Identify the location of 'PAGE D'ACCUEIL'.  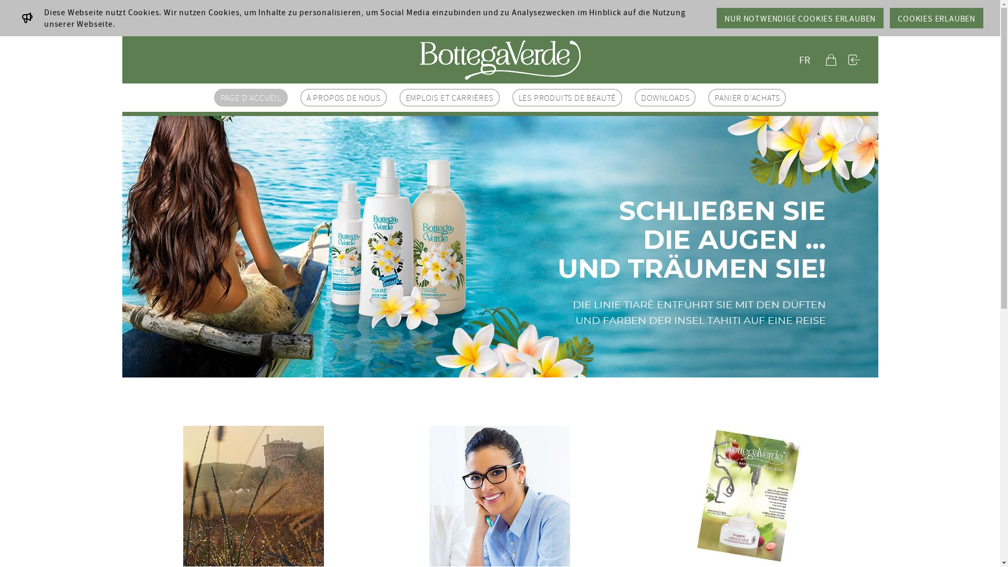
(250, 97).